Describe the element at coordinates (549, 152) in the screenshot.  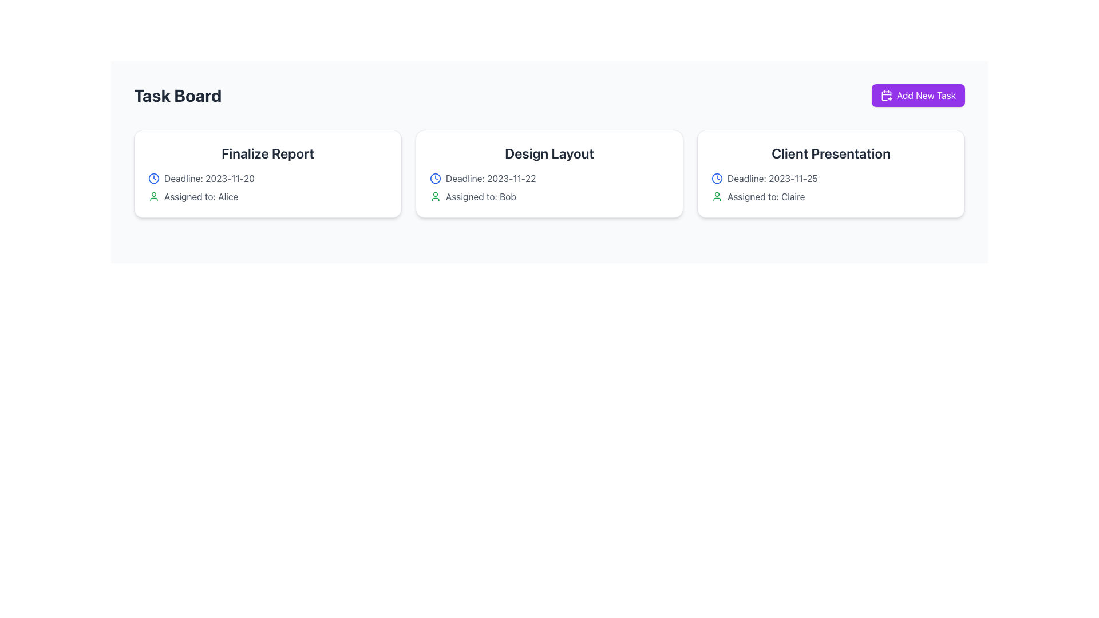
I see `text label displaying 'Design Layout' in bold, medium-large font at the top of the card element` at that location.